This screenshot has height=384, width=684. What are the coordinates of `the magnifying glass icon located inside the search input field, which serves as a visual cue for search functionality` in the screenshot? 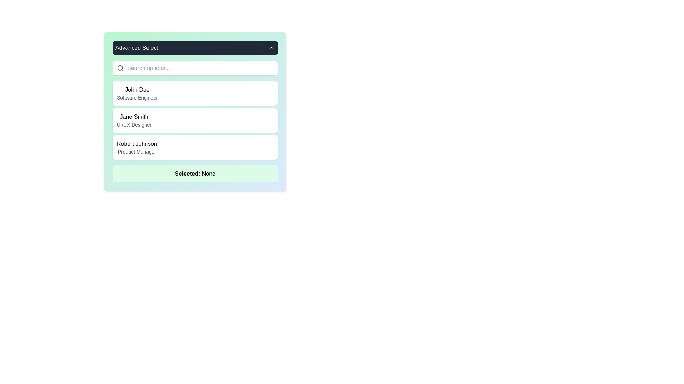 It's located at (120, 68).